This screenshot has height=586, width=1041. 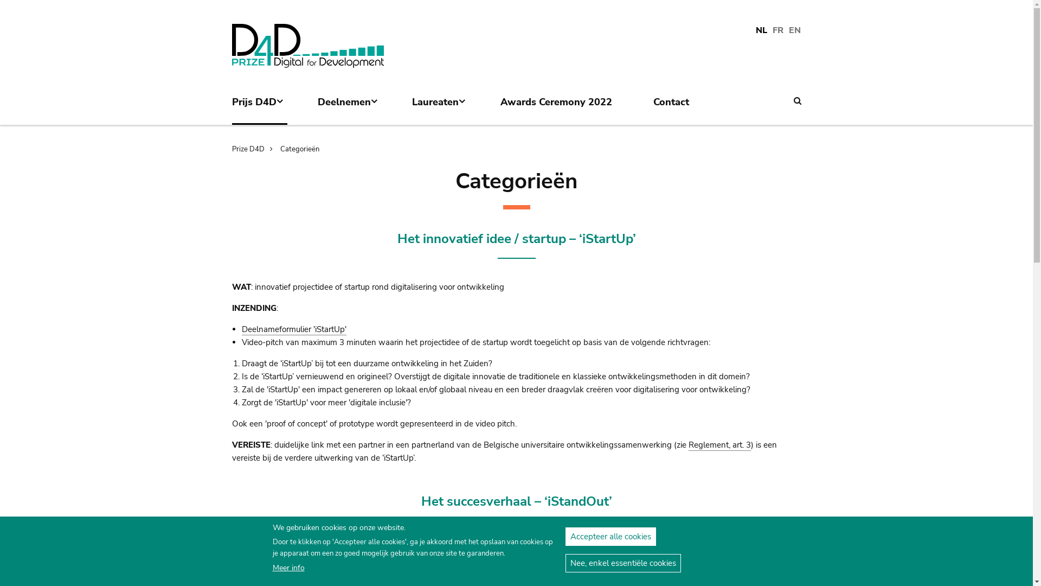 What do you see at coordinates (777, 30) in the screenshot?
I see `'FR'` at bounding box center [777, 30].